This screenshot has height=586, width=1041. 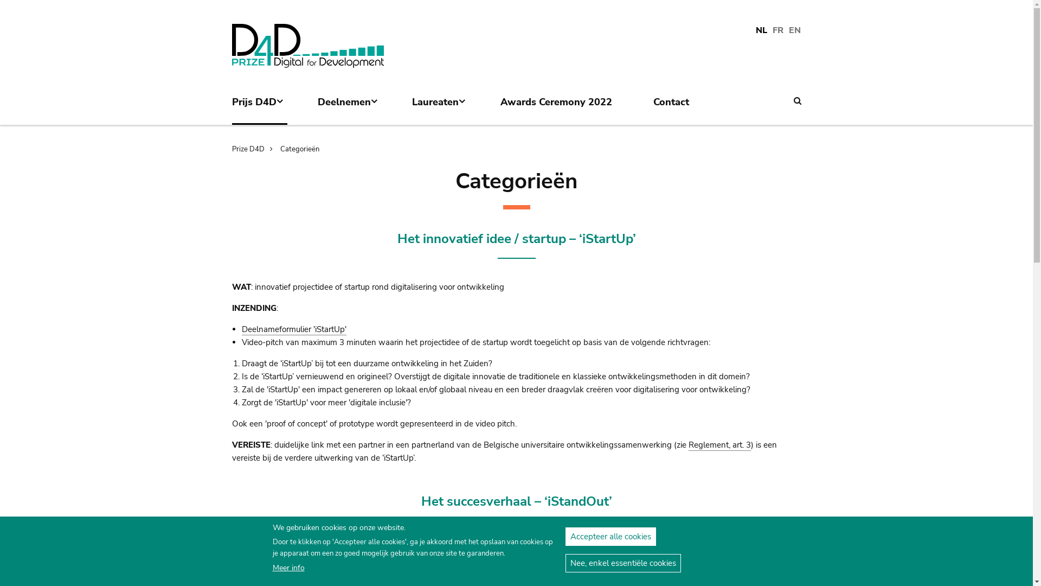 What do you see at coordinates (777, 30) in the screenshot?
I see `'FR'` at bounding box center [777, 30].